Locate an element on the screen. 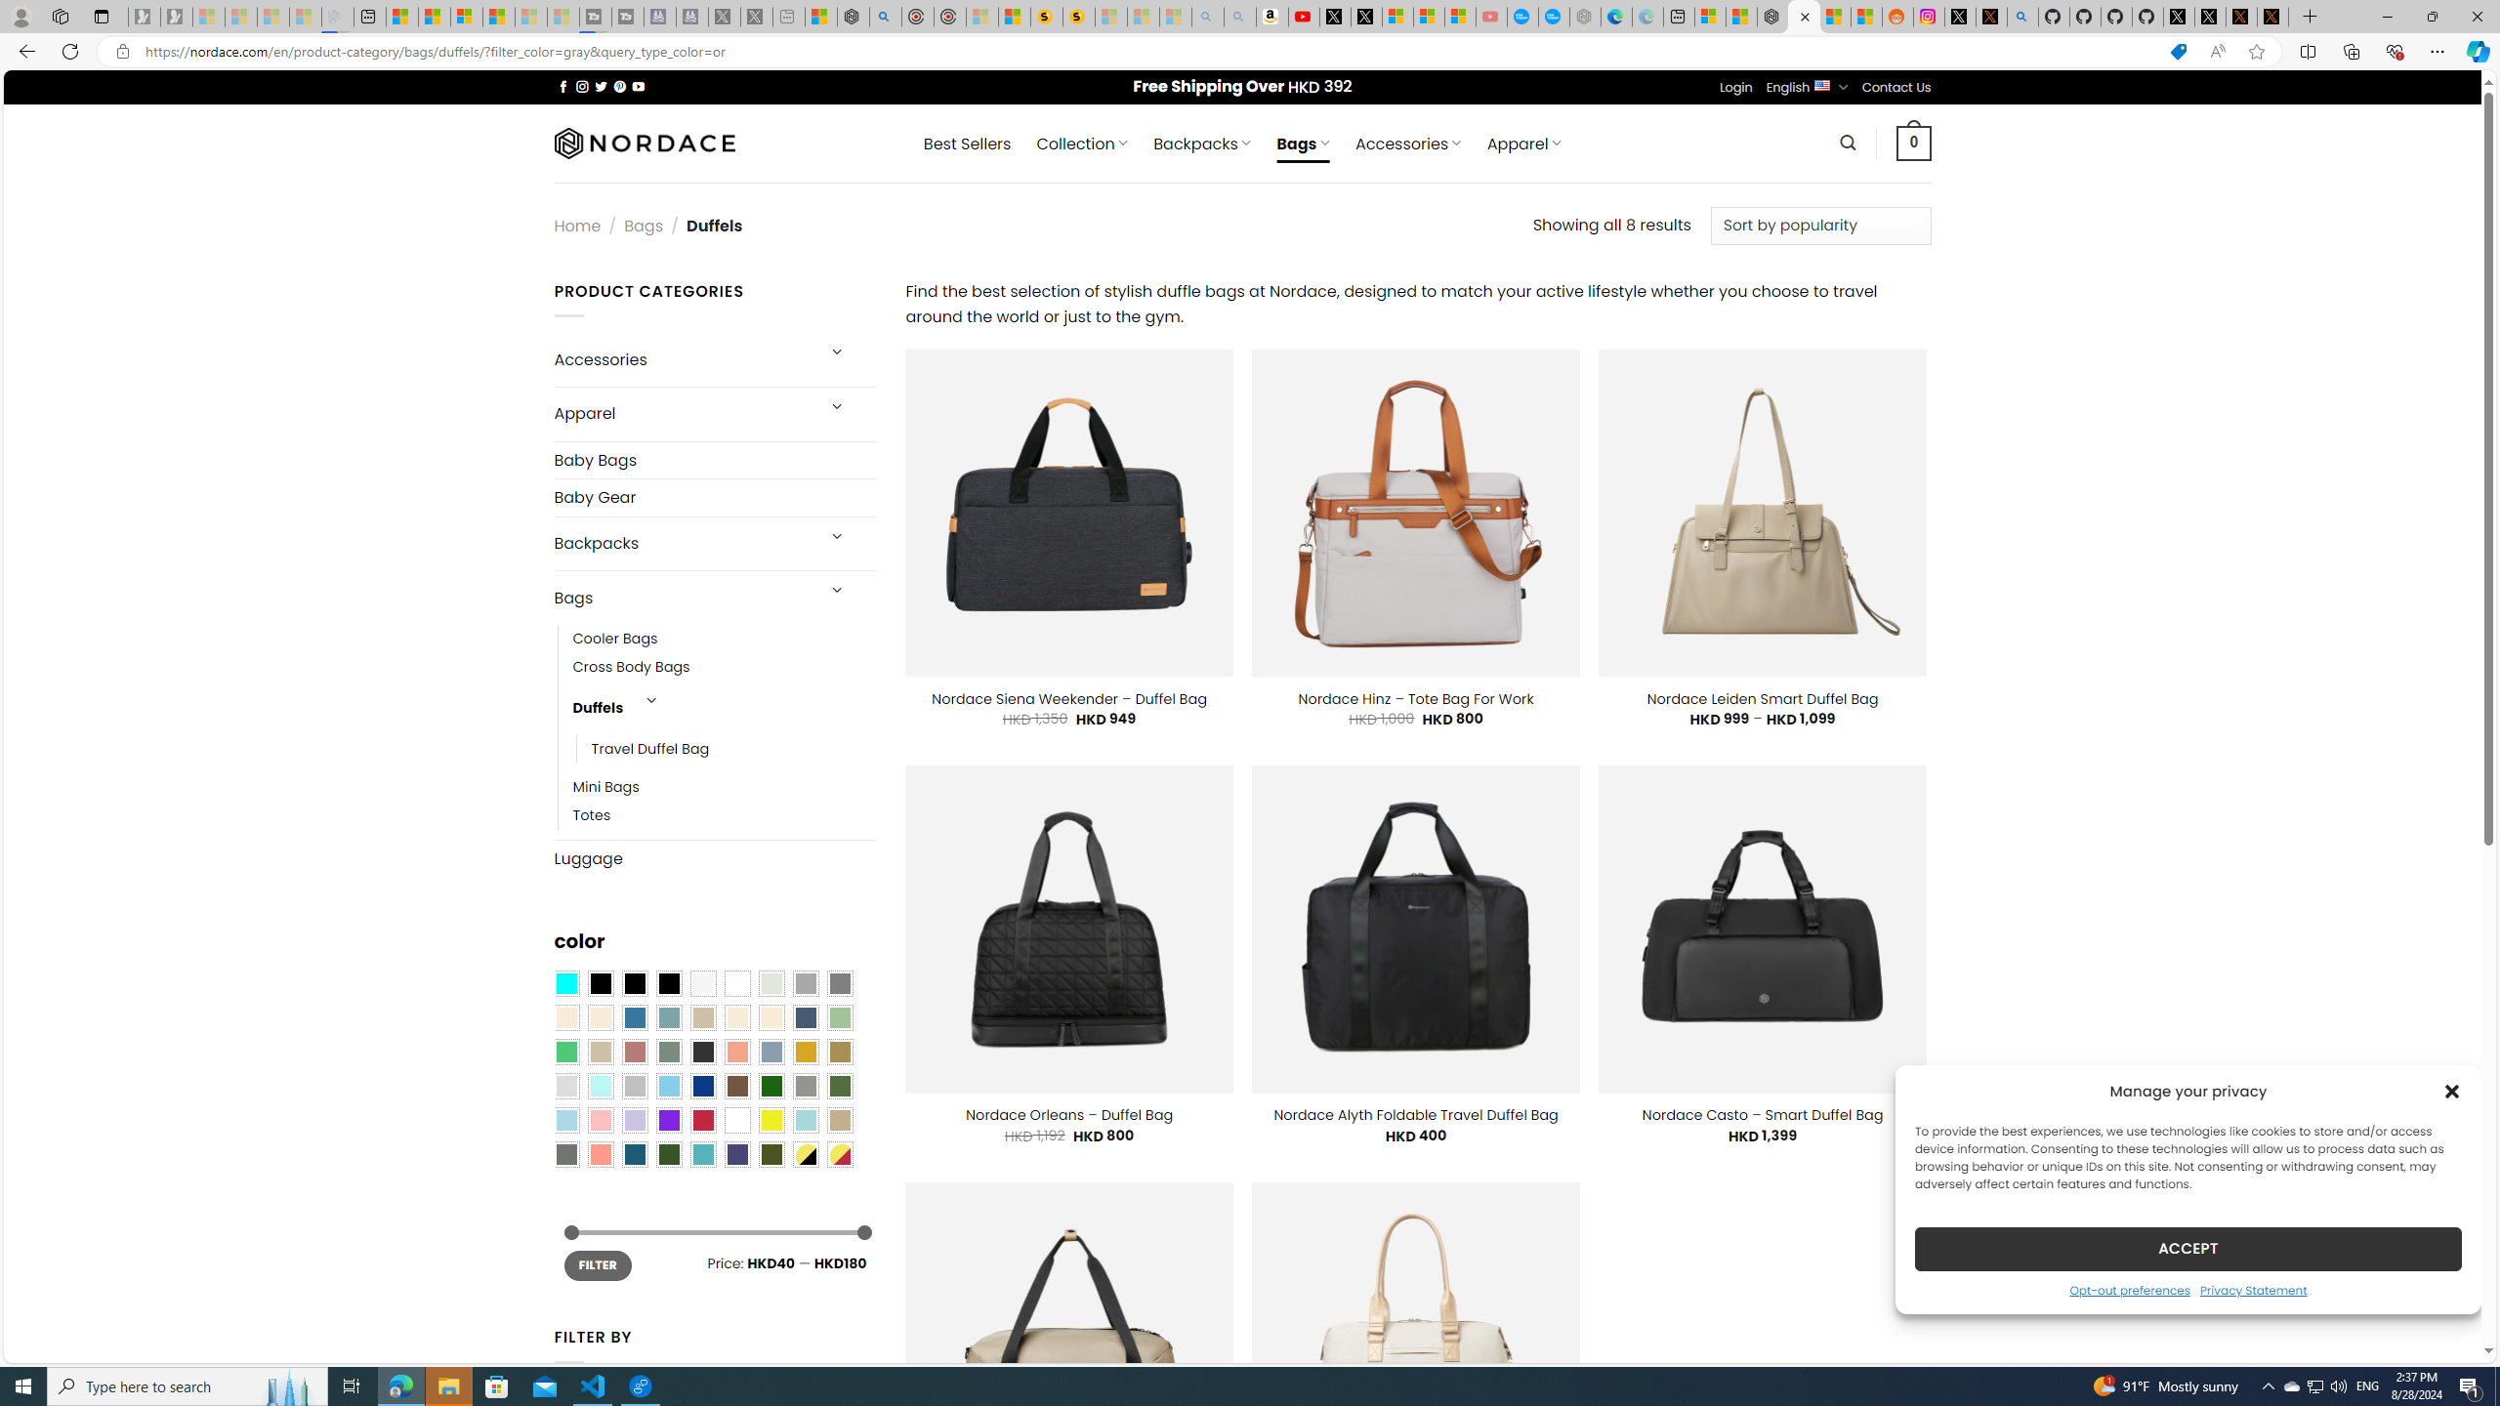 This screenshot has height=1406, width=2500. 'Nordace Leiden Smart Duffel Bag' is located at coordinates (1763, 698).